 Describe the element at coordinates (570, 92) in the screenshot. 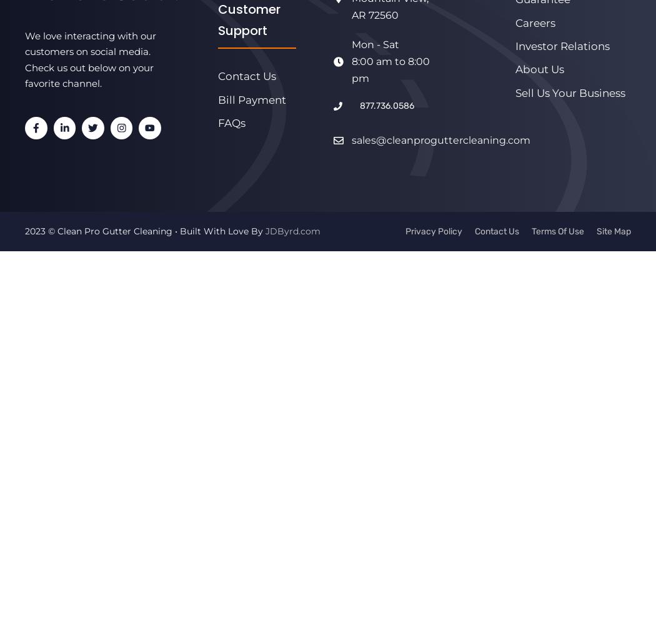

I see `'Sell Us Your Business'` at that location.